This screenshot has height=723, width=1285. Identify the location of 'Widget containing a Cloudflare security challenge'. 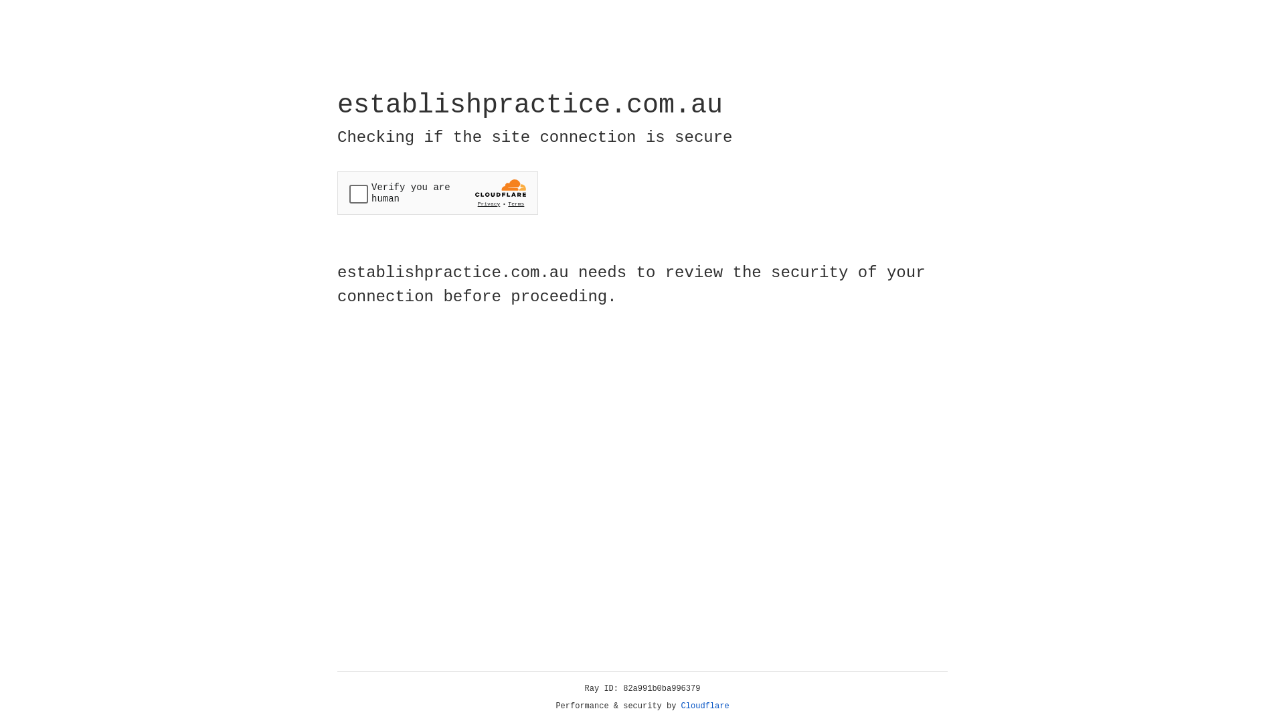
(437, 193).